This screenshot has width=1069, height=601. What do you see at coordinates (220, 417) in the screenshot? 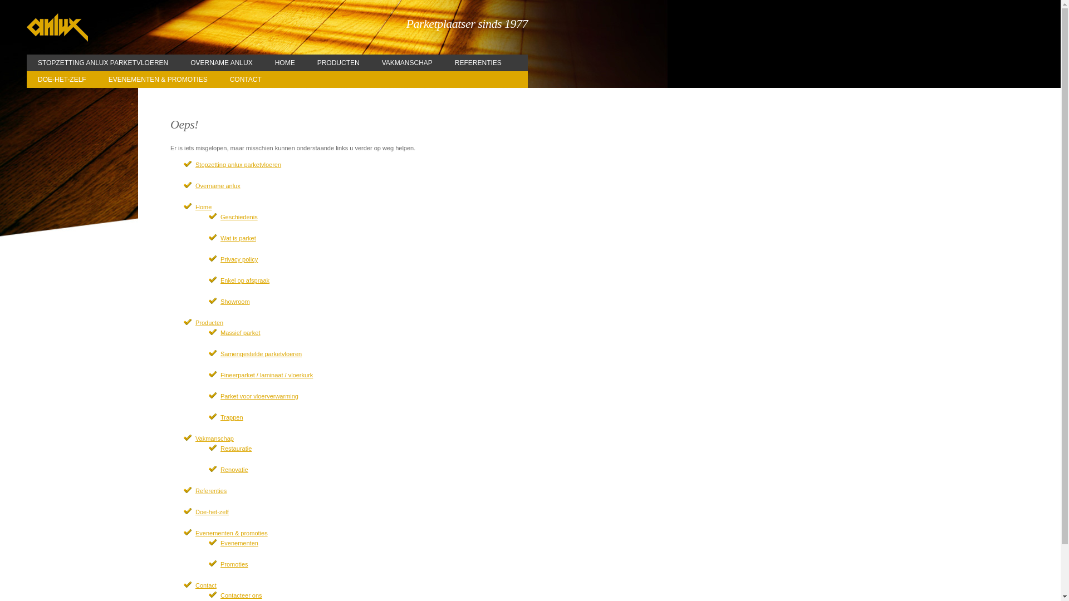
I see `'Trappen'` at bounding box center [220, 417].